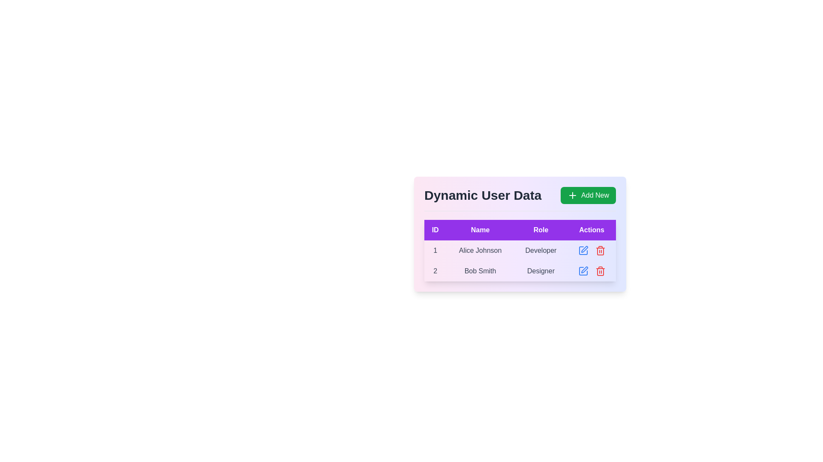 The image size is (823, 462). What do you see at coordinates (435, 271) in the screenshot?
I see `the text display that shows the identifier number for 'Bob Smith', who is a Designer, located in the second row under the 'ID' column` at bounding box center [435, 271].